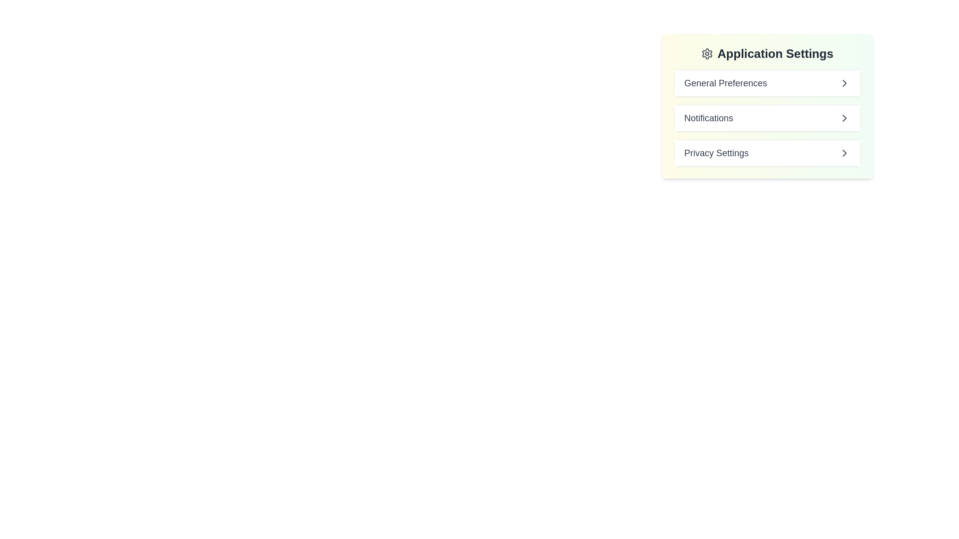 The image size is (959, 539). Describe the element at coordinates (716, 153) in the screenshot. I see `text of the 'Privacy Settings' title label in the Application Settings menu, which is positioned below 'Notifications'` at that location.